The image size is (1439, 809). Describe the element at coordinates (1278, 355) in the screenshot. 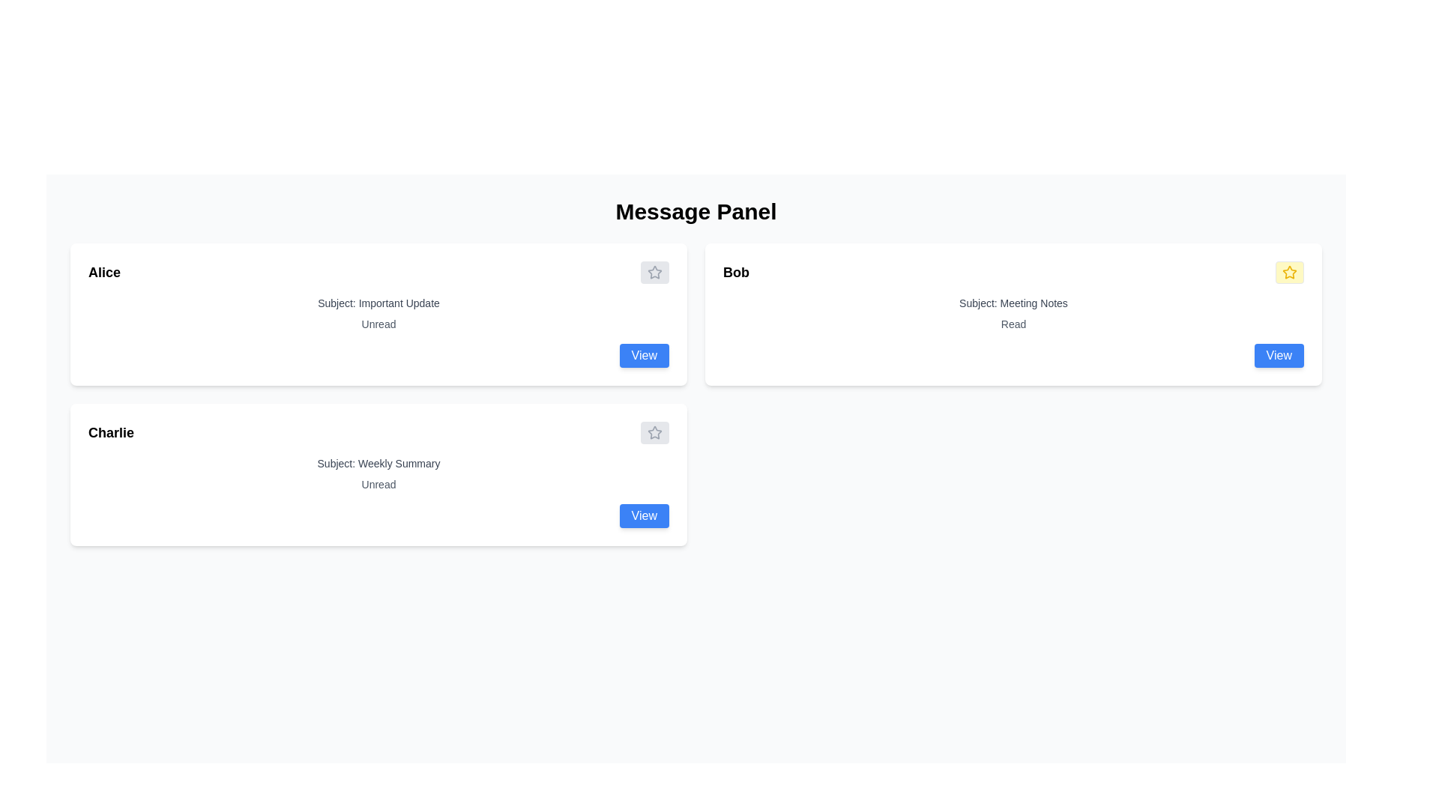

I see `the 'View' button with a blue background and white text located in the bottom-right corner of Bob's 'Meeting Notes' card to observe the hover effect` at that location.